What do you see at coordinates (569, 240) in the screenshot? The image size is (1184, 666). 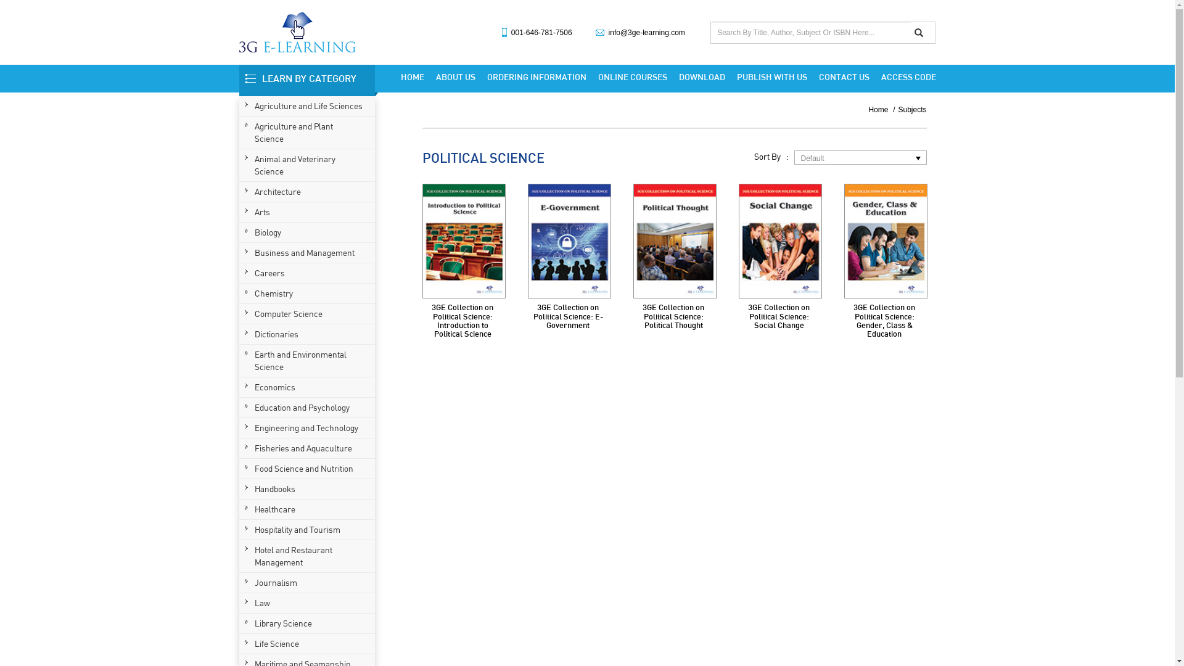 I see `'3GE Collection on Political Science: E-Government'` at bounding box center [569, 240].